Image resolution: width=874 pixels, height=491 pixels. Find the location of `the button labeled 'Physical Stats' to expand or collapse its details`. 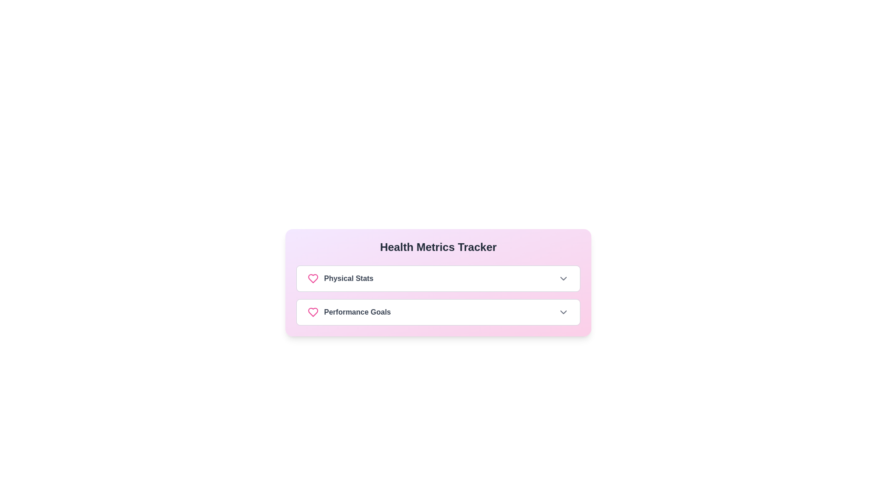

the button labeled 'Physical Stats' to expand or collapse its details is located at coordinates (438, 278).